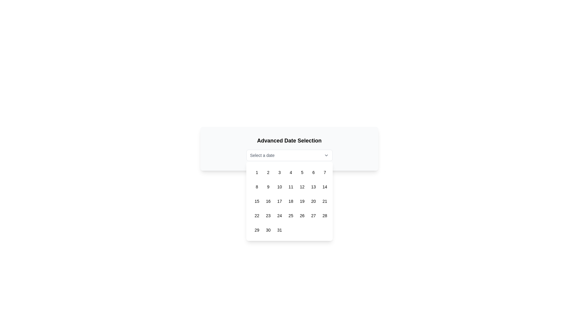  What do you see at coordinates (268, 172) in the screenshot?
I see `the button for selecting the second day in the calendar, positioned between the buttons labeled '1' and '3' in the topmost row of the date picker` at bounding box center [268, 172].